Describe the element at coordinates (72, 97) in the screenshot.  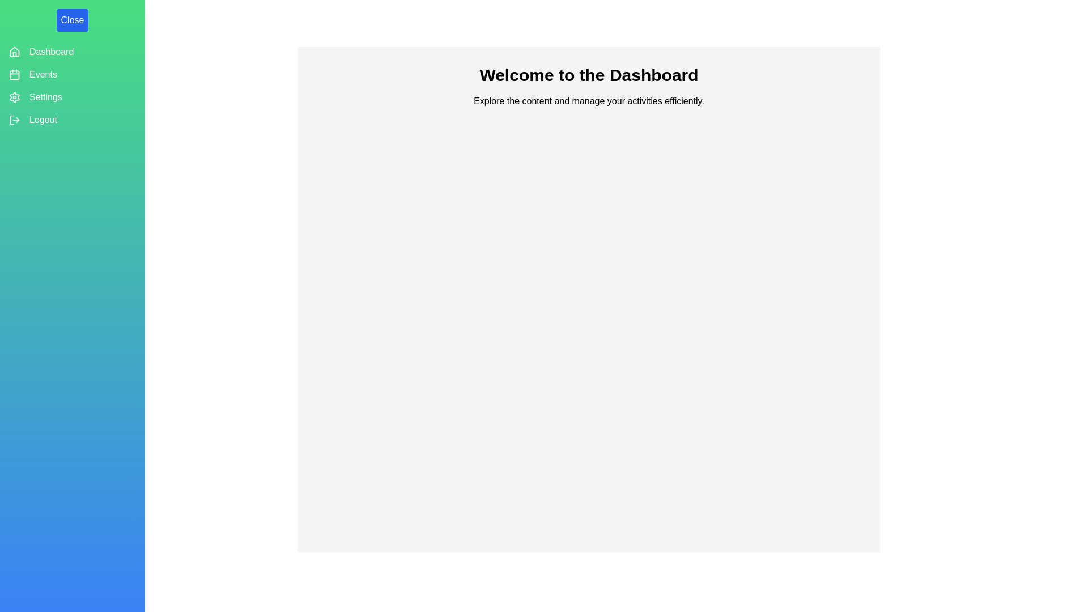
I see `the 'Settings' item in the navigation drawer` at that location.